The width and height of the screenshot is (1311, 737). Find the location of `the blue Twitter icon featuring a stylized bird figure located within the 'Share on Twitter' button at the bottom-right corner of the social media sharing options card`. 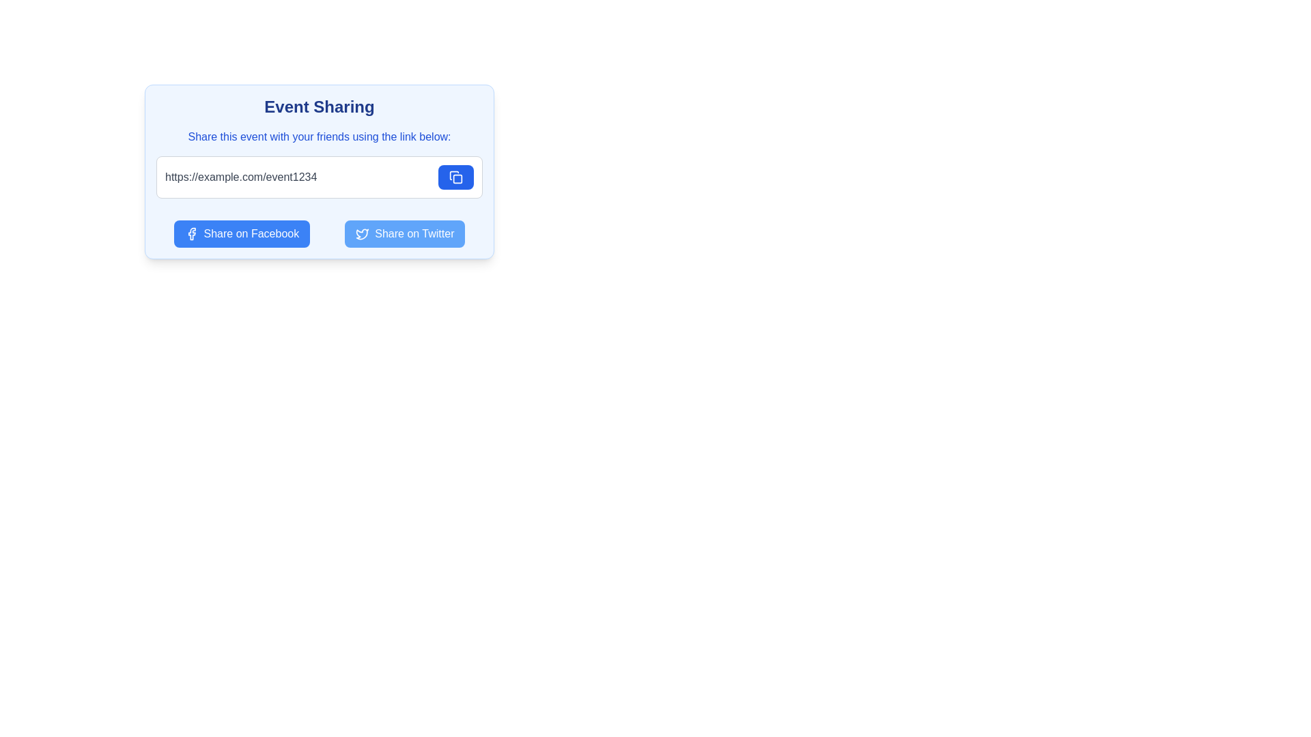

the blue Twitter icon featuring a stylized bird figure located within the 'Share on Twitter' button at the bottom-right corner of the social media sharing options card is located at coordinates (363, 233).